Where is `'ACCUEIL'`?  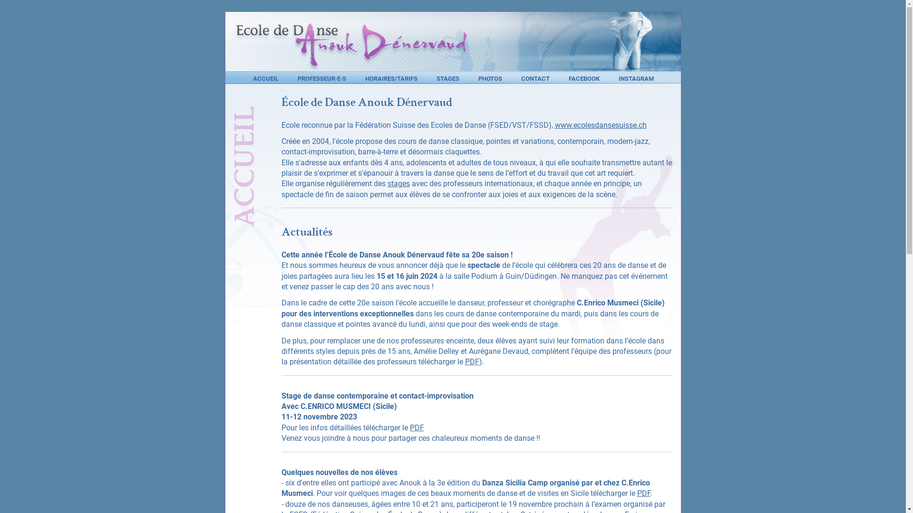
'ACCUEIL' is located at coordinates (253, 78).